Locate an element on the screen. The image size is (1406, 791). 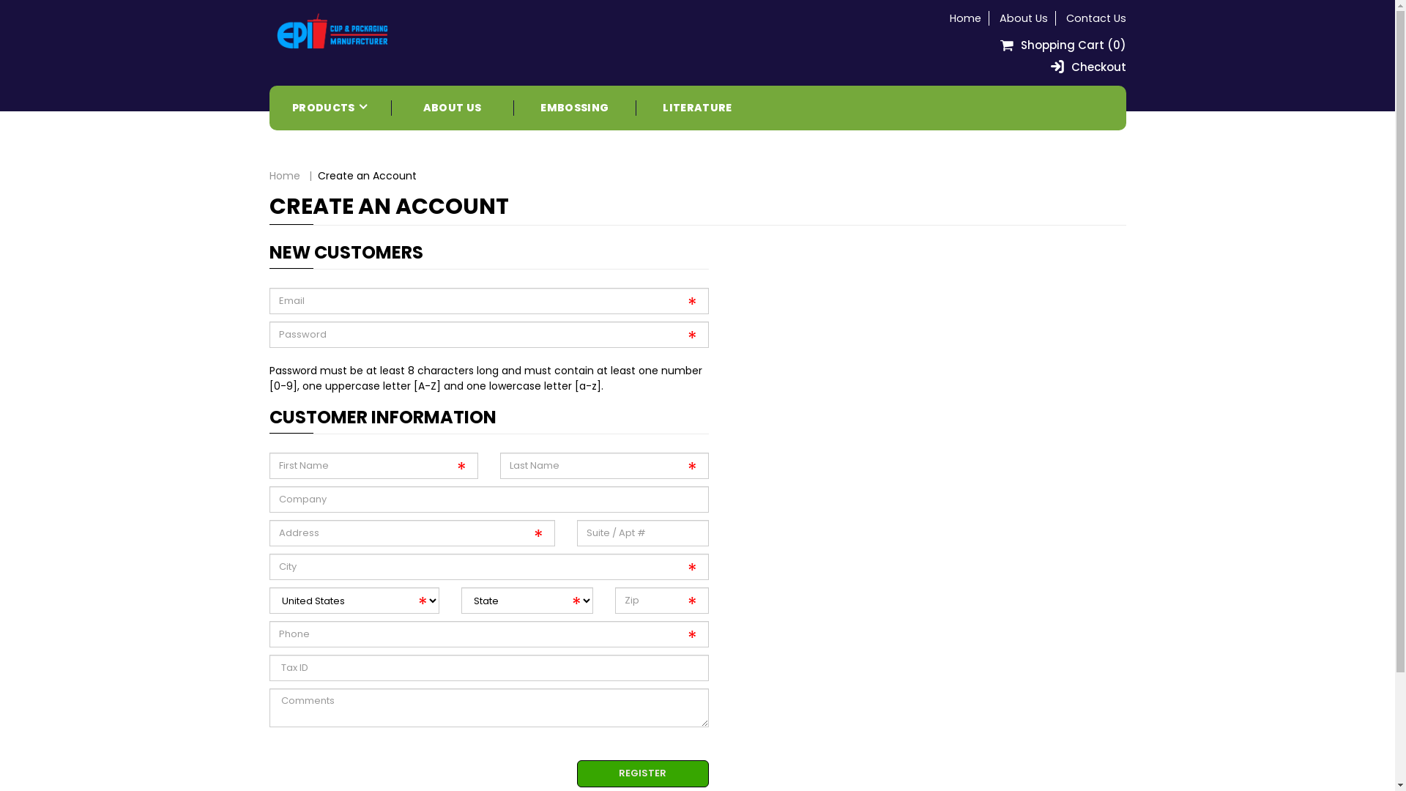
'Checkout' is located at coordinates (1083, 67).